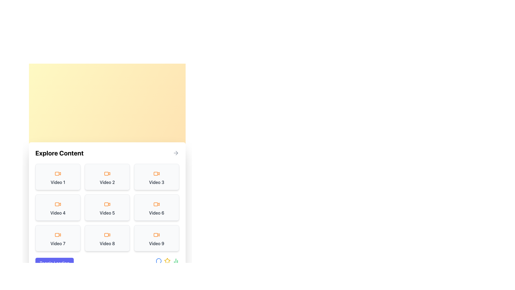 This screenshot has height=290, width=515. Describe the element at coordinates (176, 153) in the screenshot. I see `the navigation button located at the far right of the 'Explore Content' header section` at that location.